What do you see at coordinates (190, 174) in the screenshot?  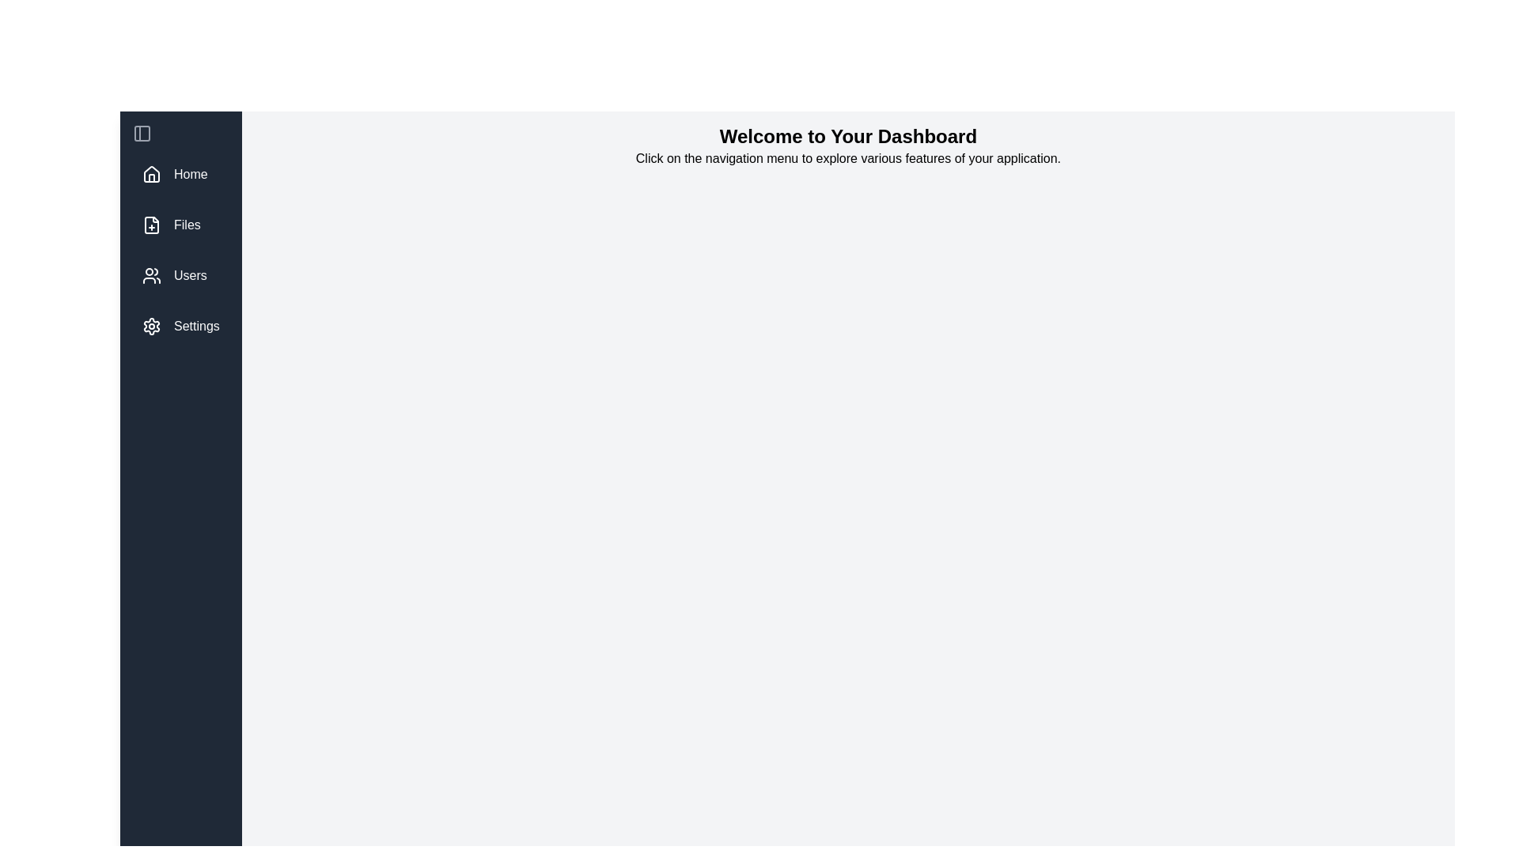 I see `the first text label in the left-hand vertical navigation bar, which serves as a navigation link to the home or dashboard view` at bounding box center [190, 174].